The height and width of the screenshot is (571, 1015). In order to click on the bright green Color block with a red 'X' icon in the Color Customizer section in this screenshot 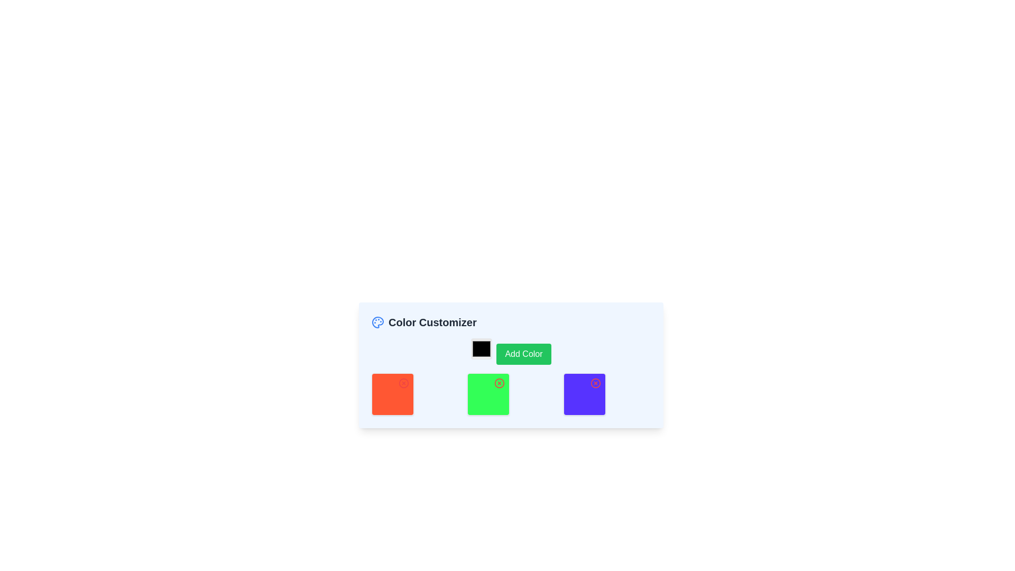, I will do `click(511, 394)`.